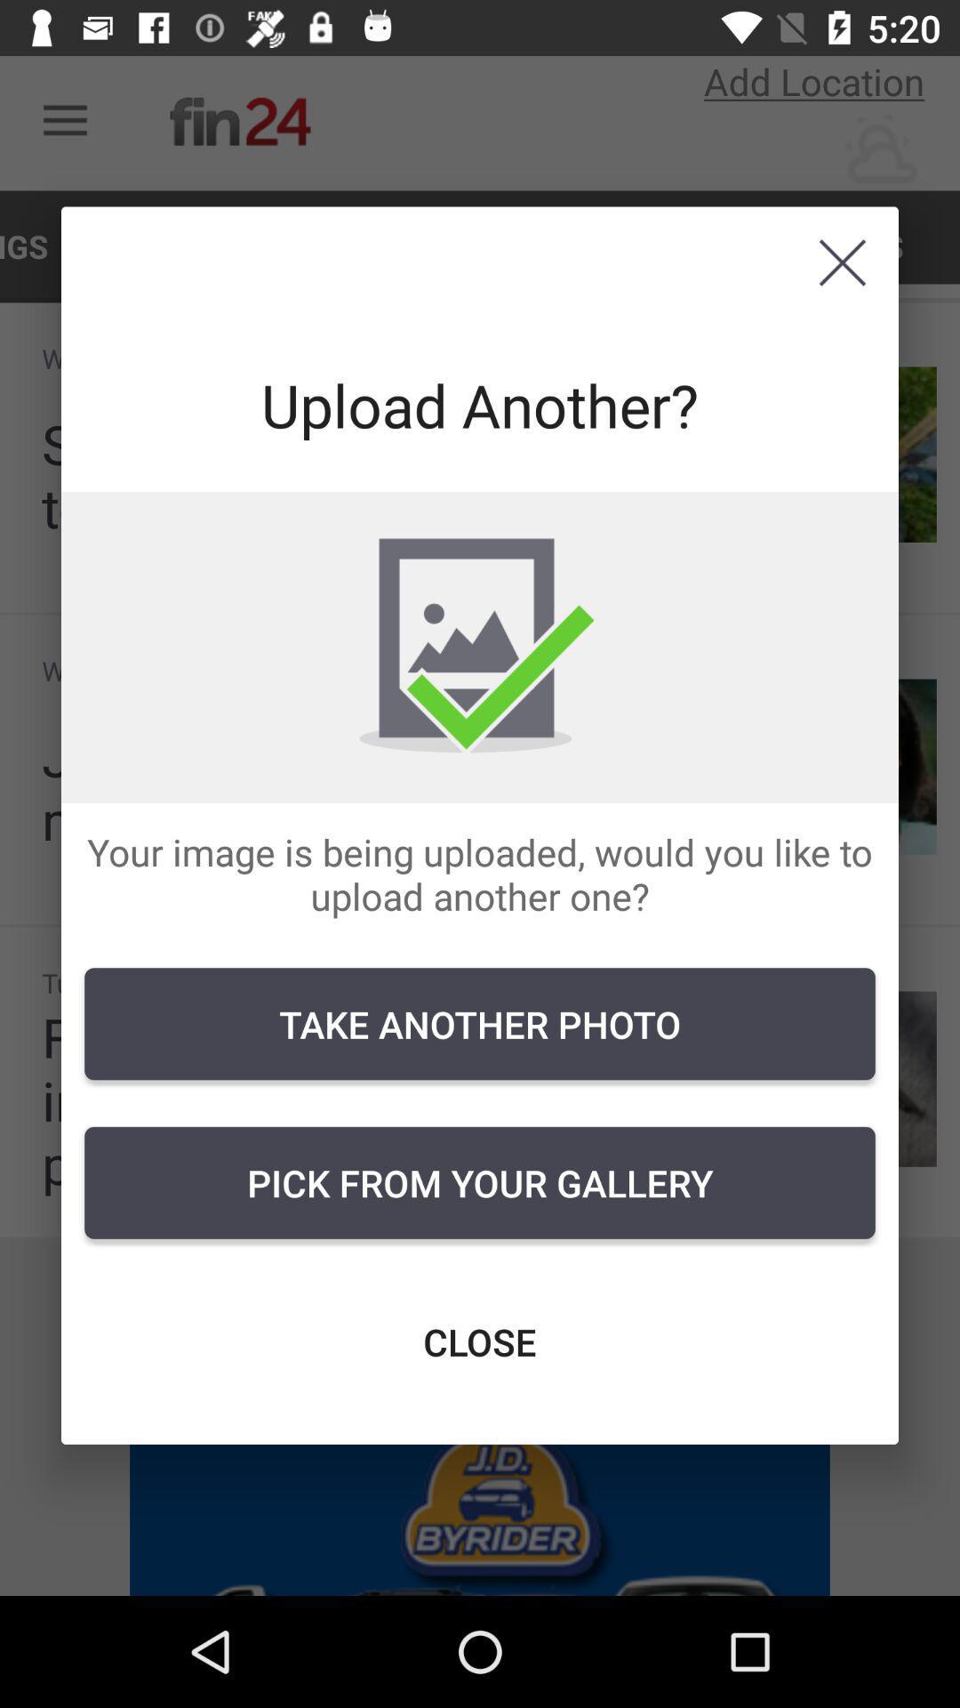 The height and width of the screenshot is (1708, 960). I want to click on function, so click(842, 262).